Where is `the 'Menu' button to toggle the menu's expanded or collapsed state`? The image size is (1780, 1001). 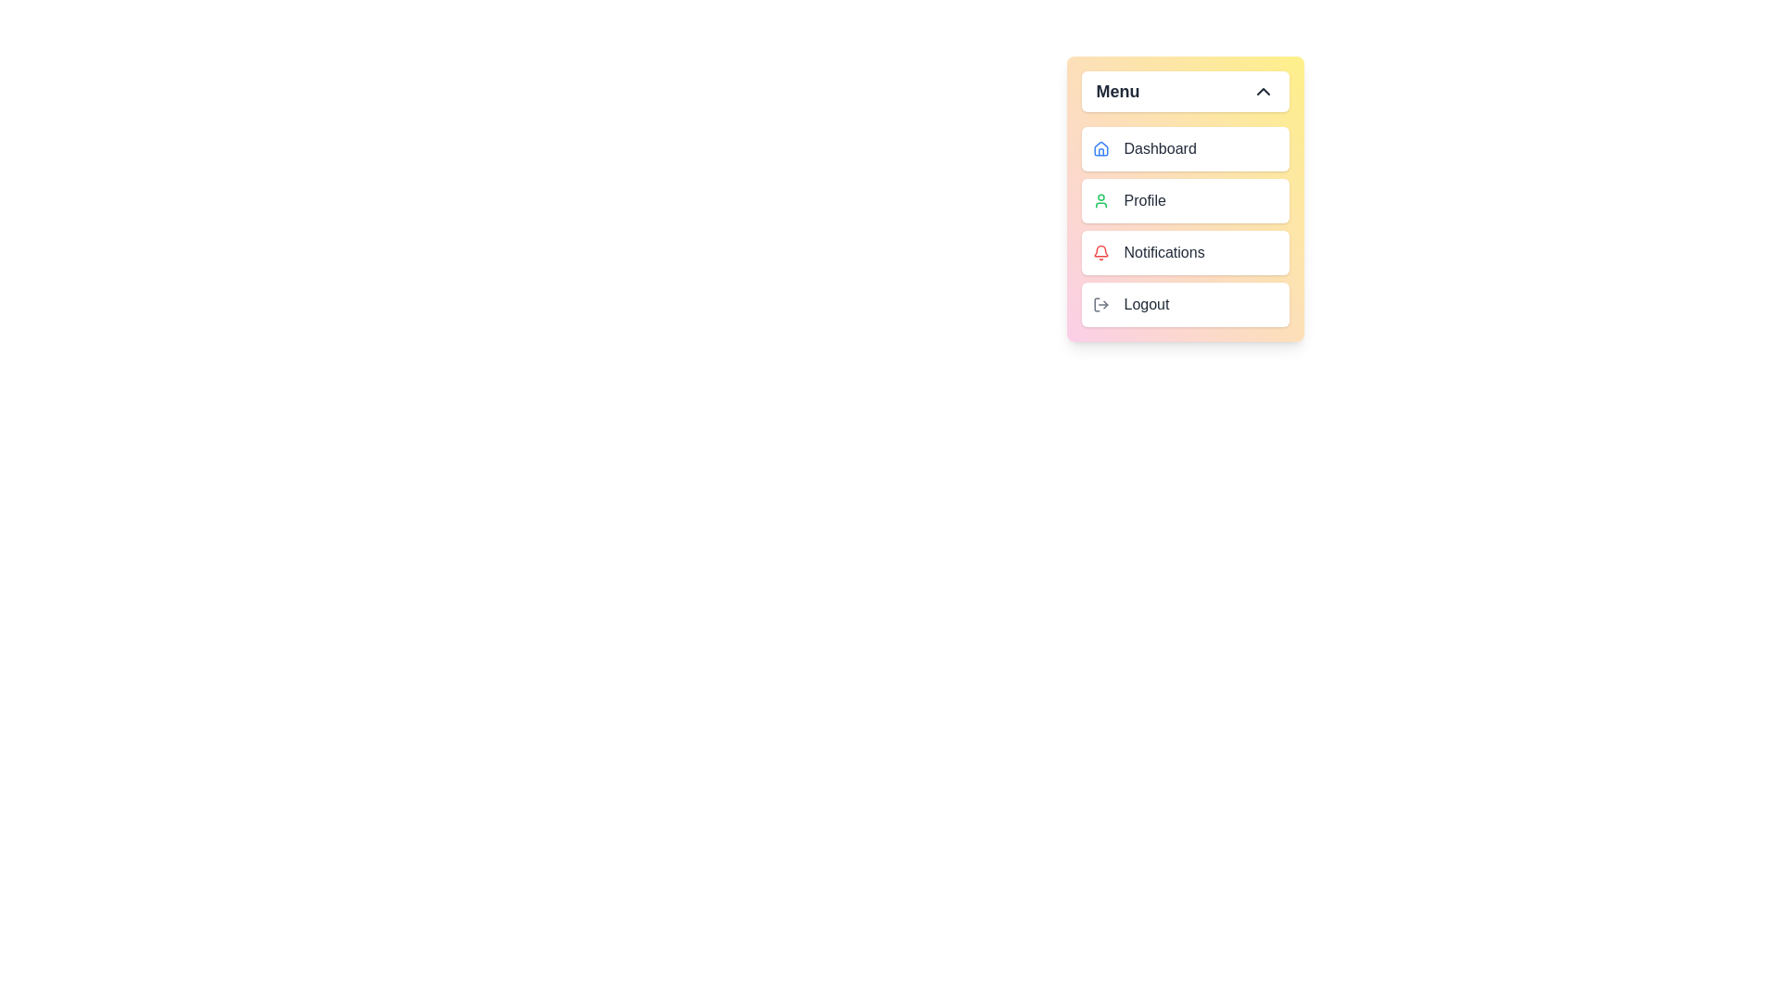 the 'Menu' button to toggle the menu's expanded or collapsed state is located at coordinates (1184, 92).